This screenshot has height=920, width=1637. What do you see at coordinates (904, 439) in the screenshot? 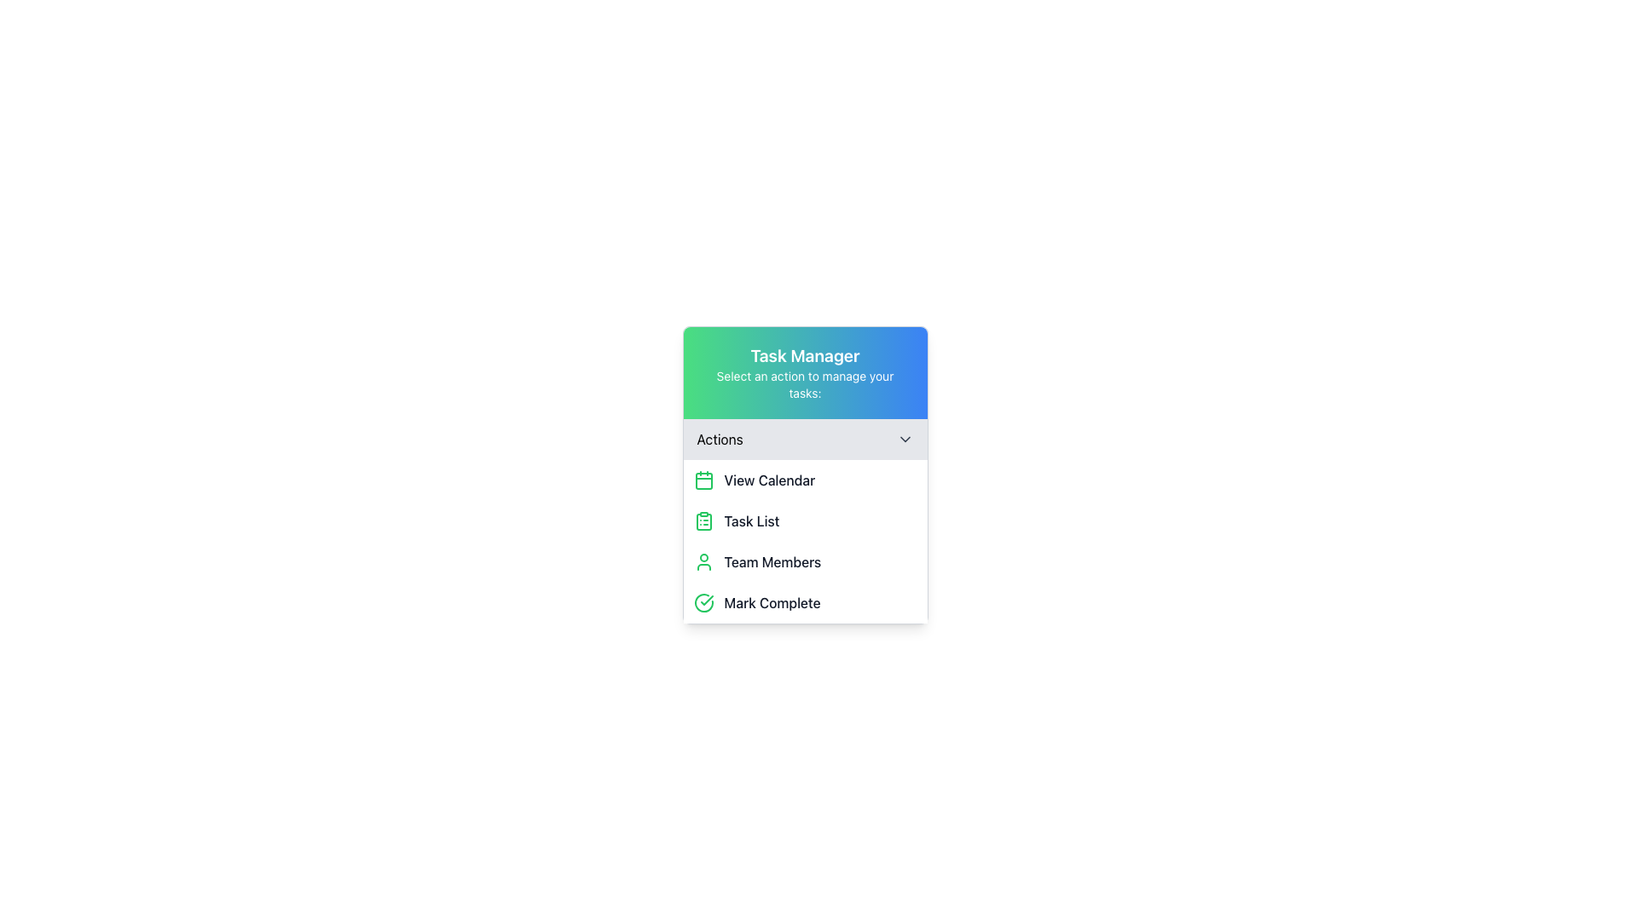
I see `the downward-pointing chevron icon on the right end of the 'Actions' toolbar` at bounding box center [904, 439].